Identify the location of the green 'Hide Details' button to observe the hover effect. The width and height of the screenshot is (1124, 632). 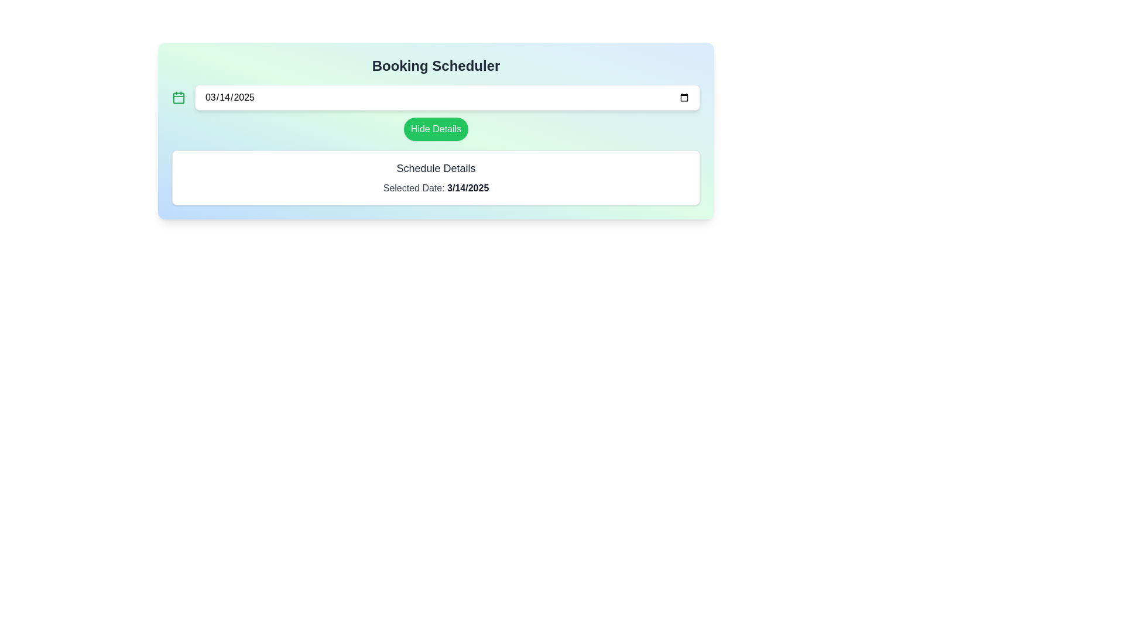
(435, 129).